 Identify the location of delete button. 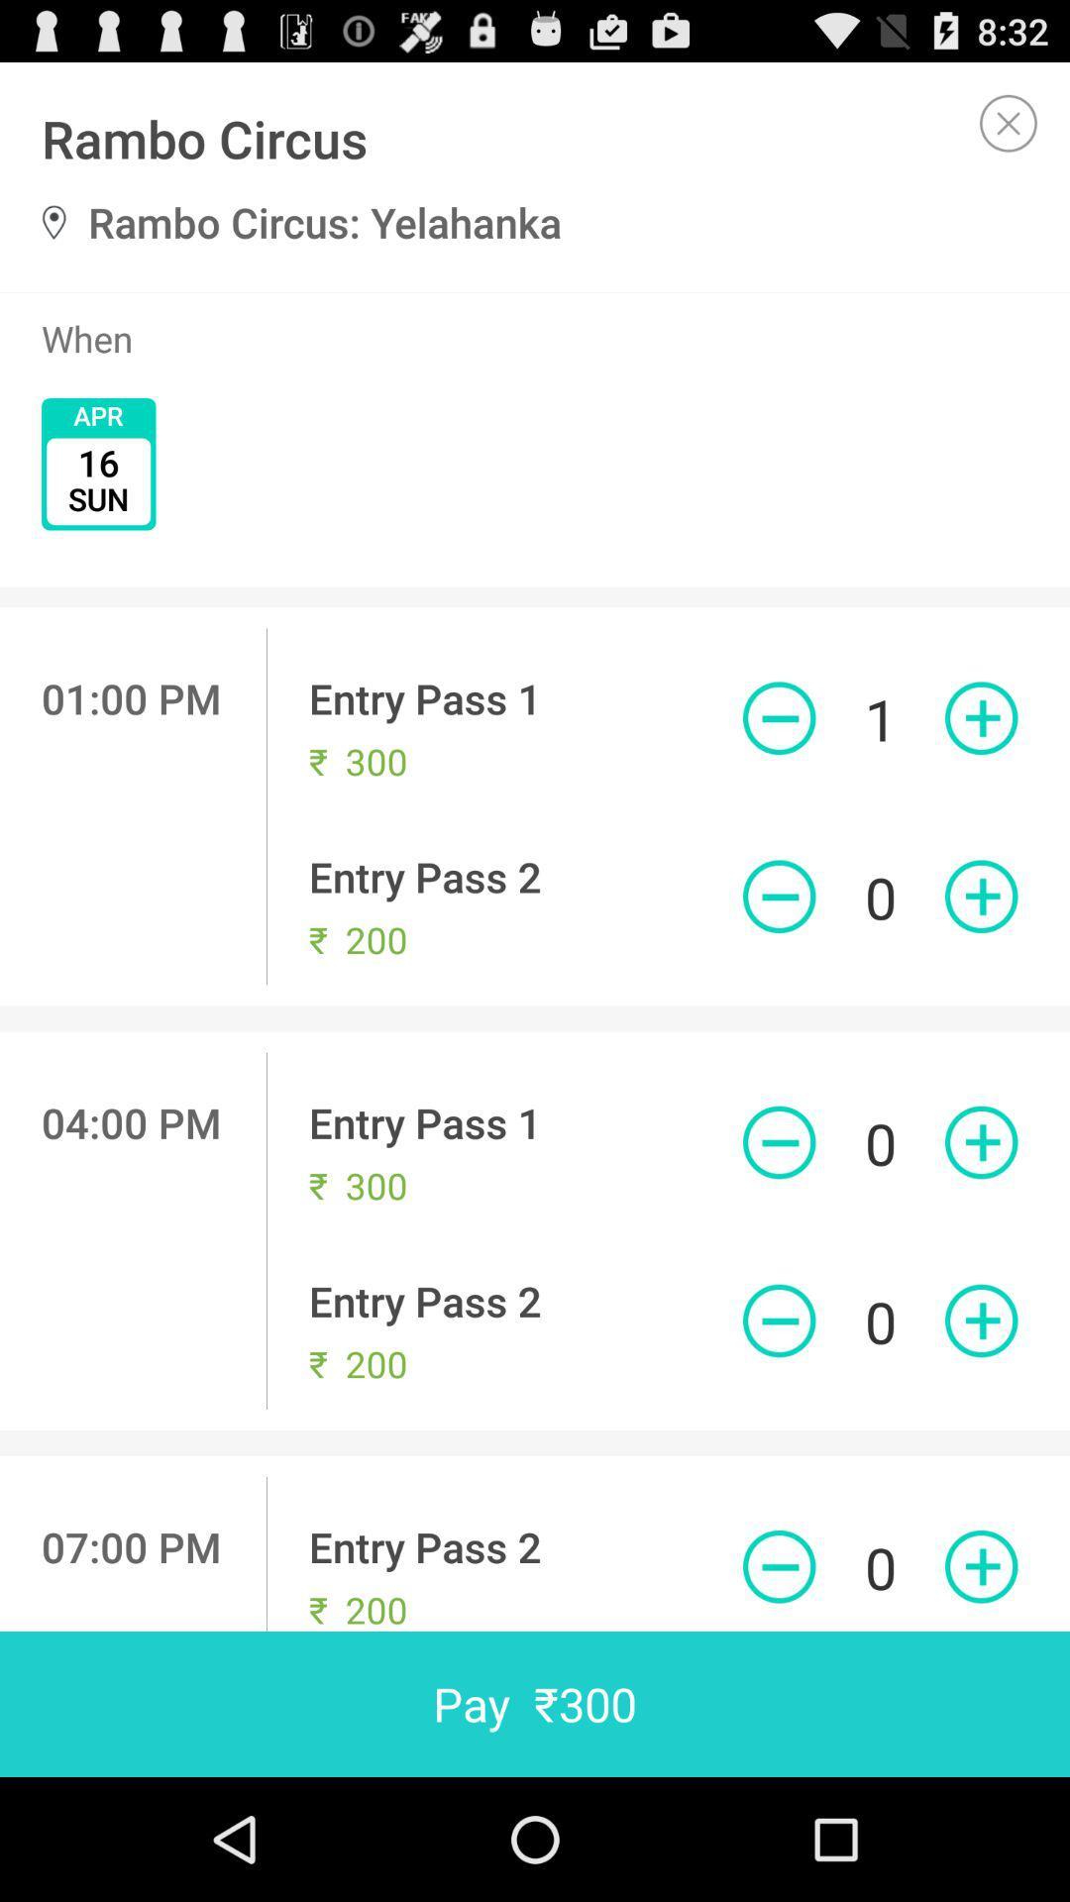
(778, 1565).